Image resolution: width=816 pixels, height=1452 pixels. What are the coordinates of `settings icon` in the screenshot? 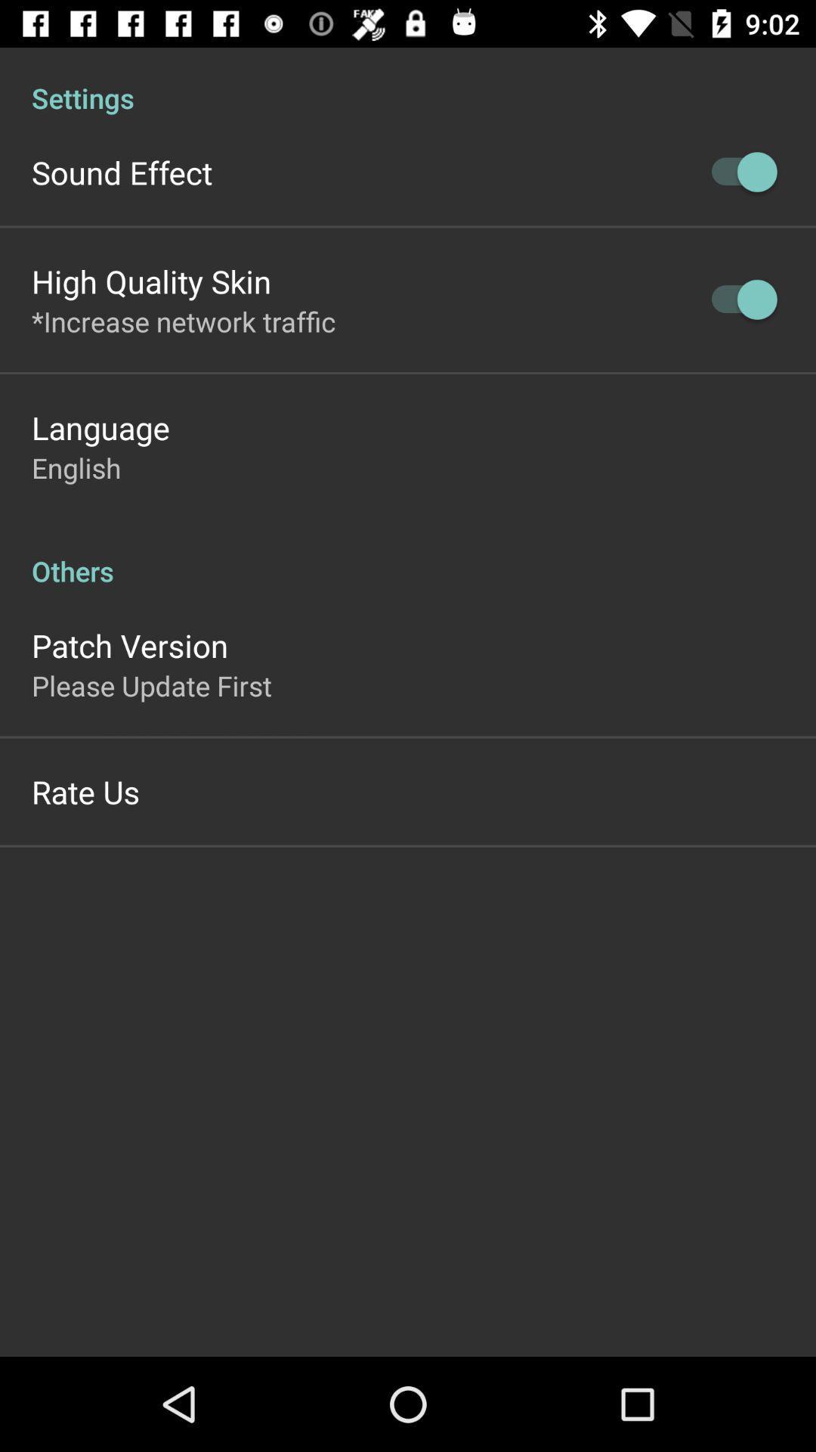 It's located at (408, 81).